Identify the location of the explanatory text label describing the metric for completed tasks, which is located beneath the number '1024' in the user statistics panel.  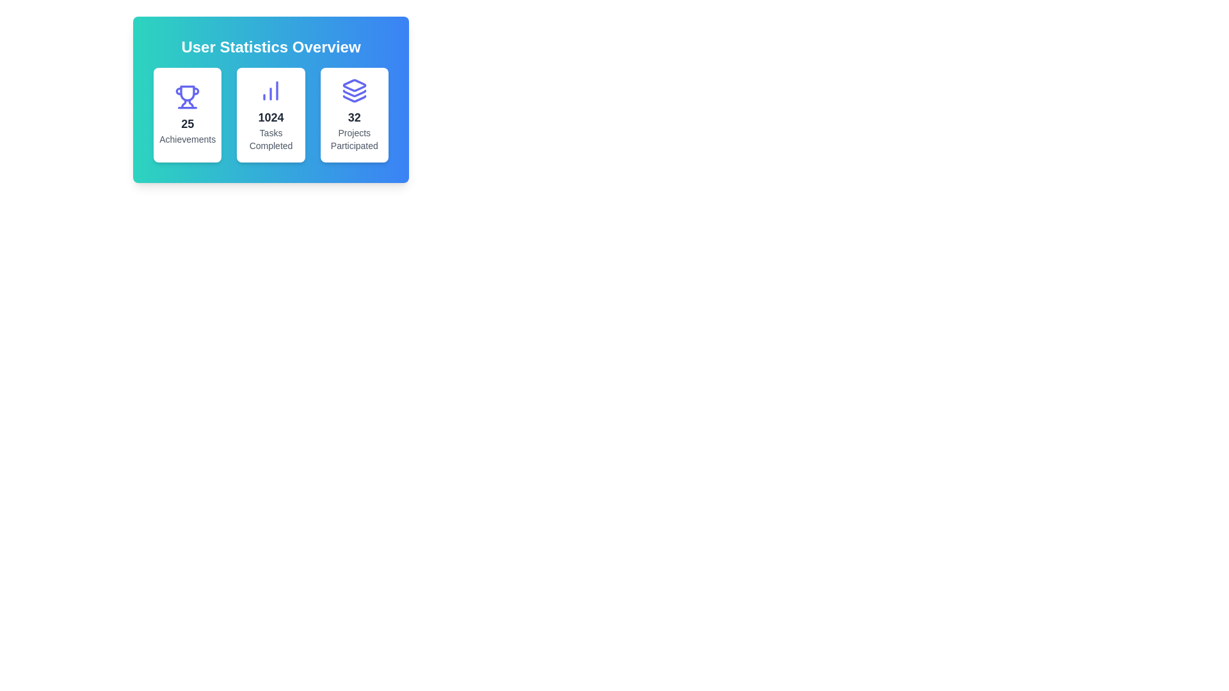
(270, 139).